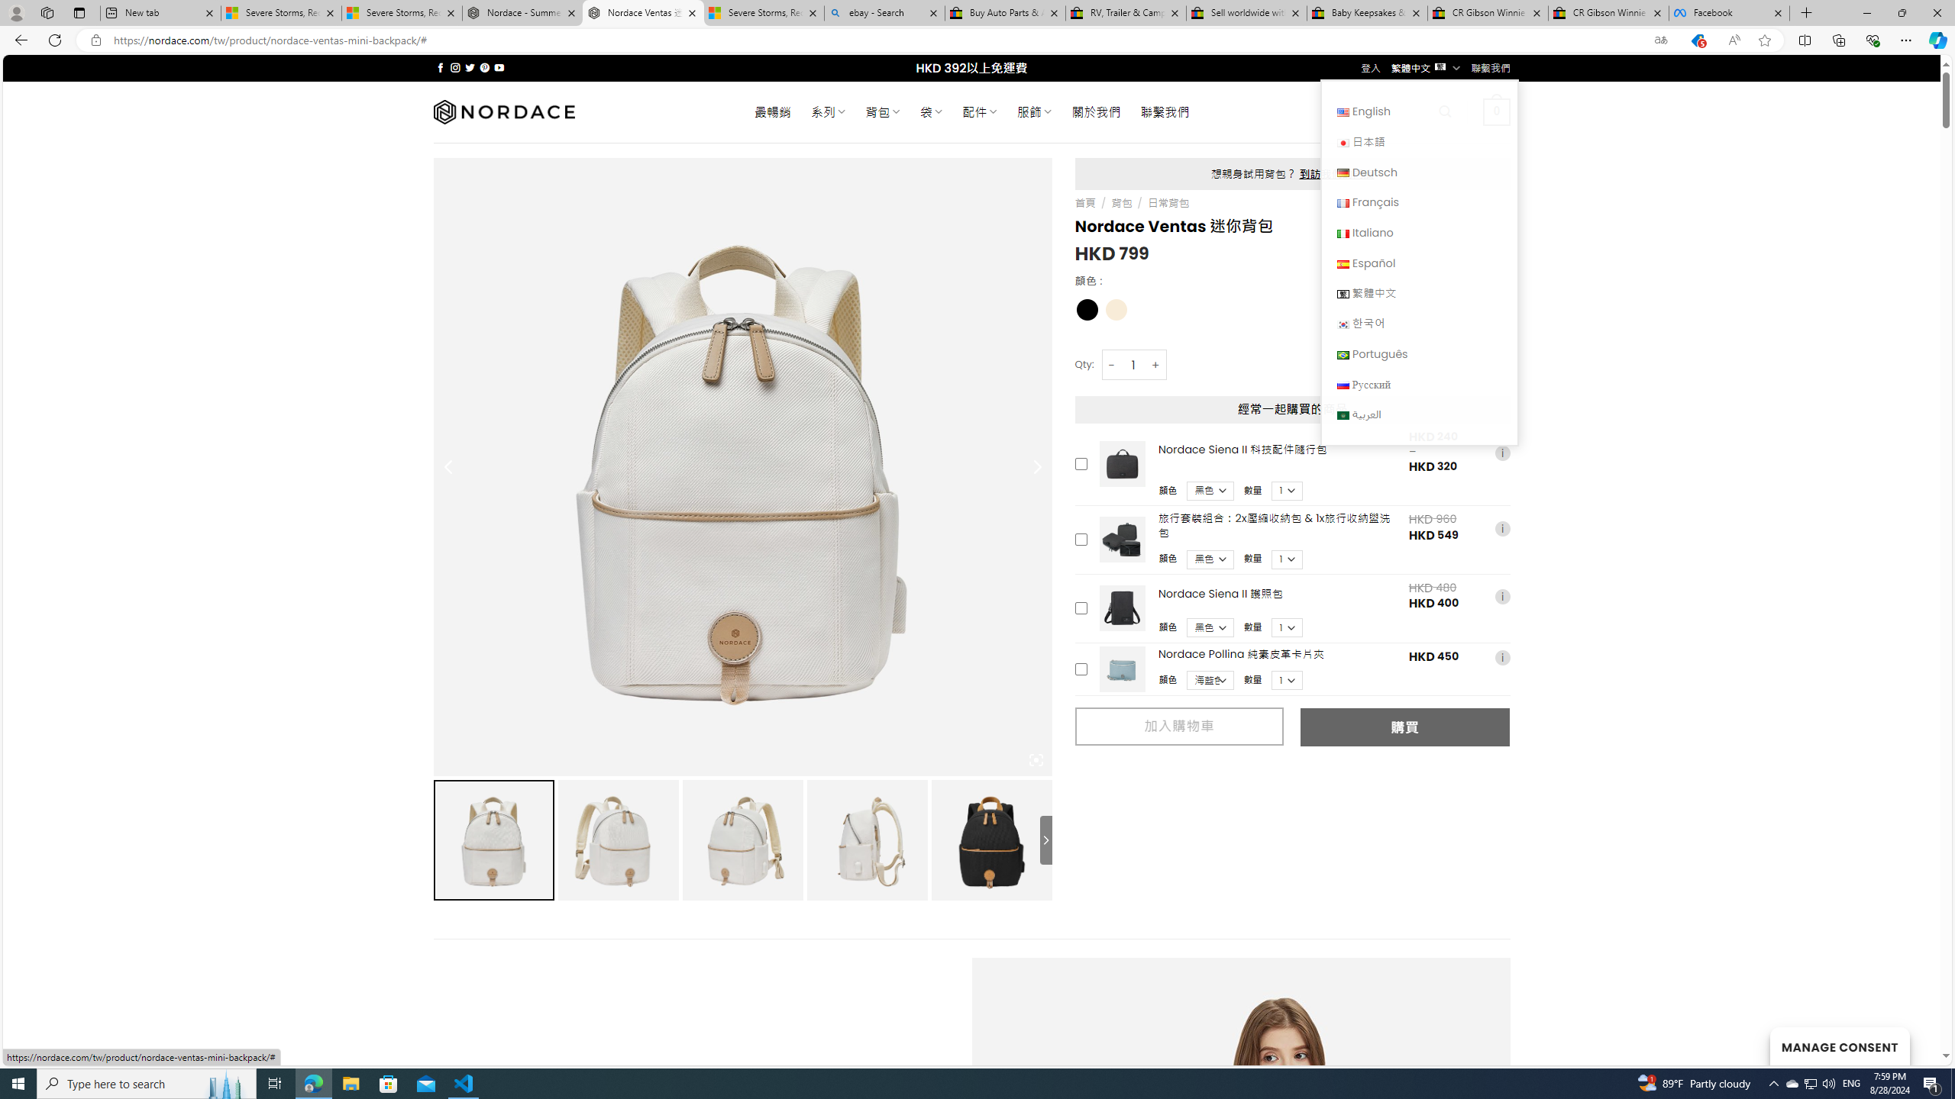 This screenshot has height=1099, width=1955. Describe the element at coordinates (1342, 172) in the screenshot. I see `'Deutsch'` at that location.